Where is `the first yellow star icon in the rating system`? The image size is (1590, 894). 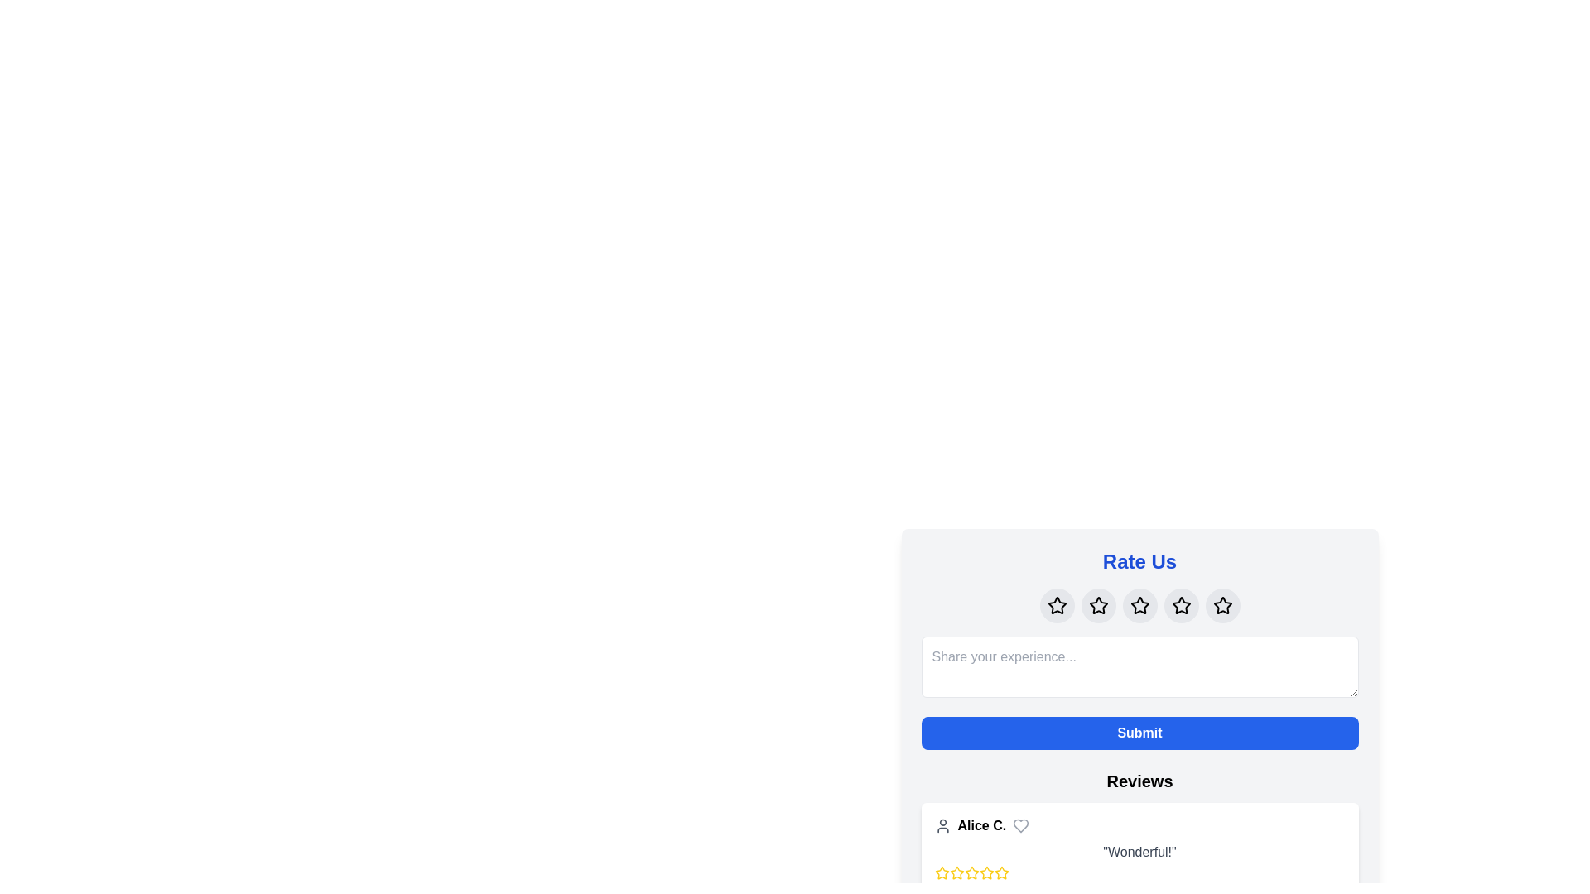 the first yellow star icon in the rating system is located at coordinates (942, 872).